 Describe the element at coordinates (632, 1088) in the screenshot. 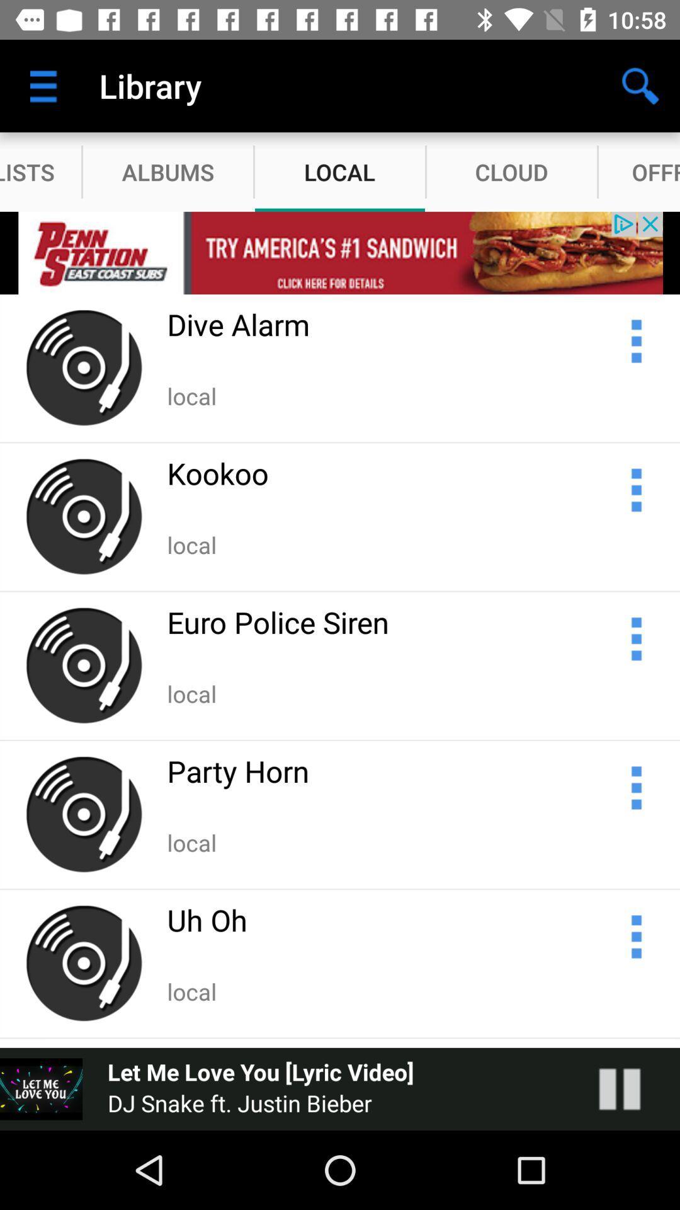

I see `the pause icon` at that location.